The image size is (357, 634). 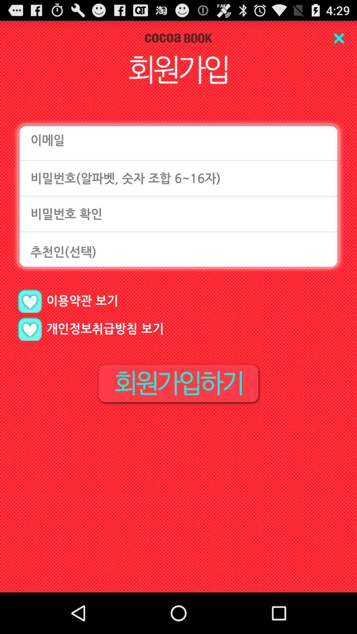 I want to click on like page, so click(x=29, y=300).